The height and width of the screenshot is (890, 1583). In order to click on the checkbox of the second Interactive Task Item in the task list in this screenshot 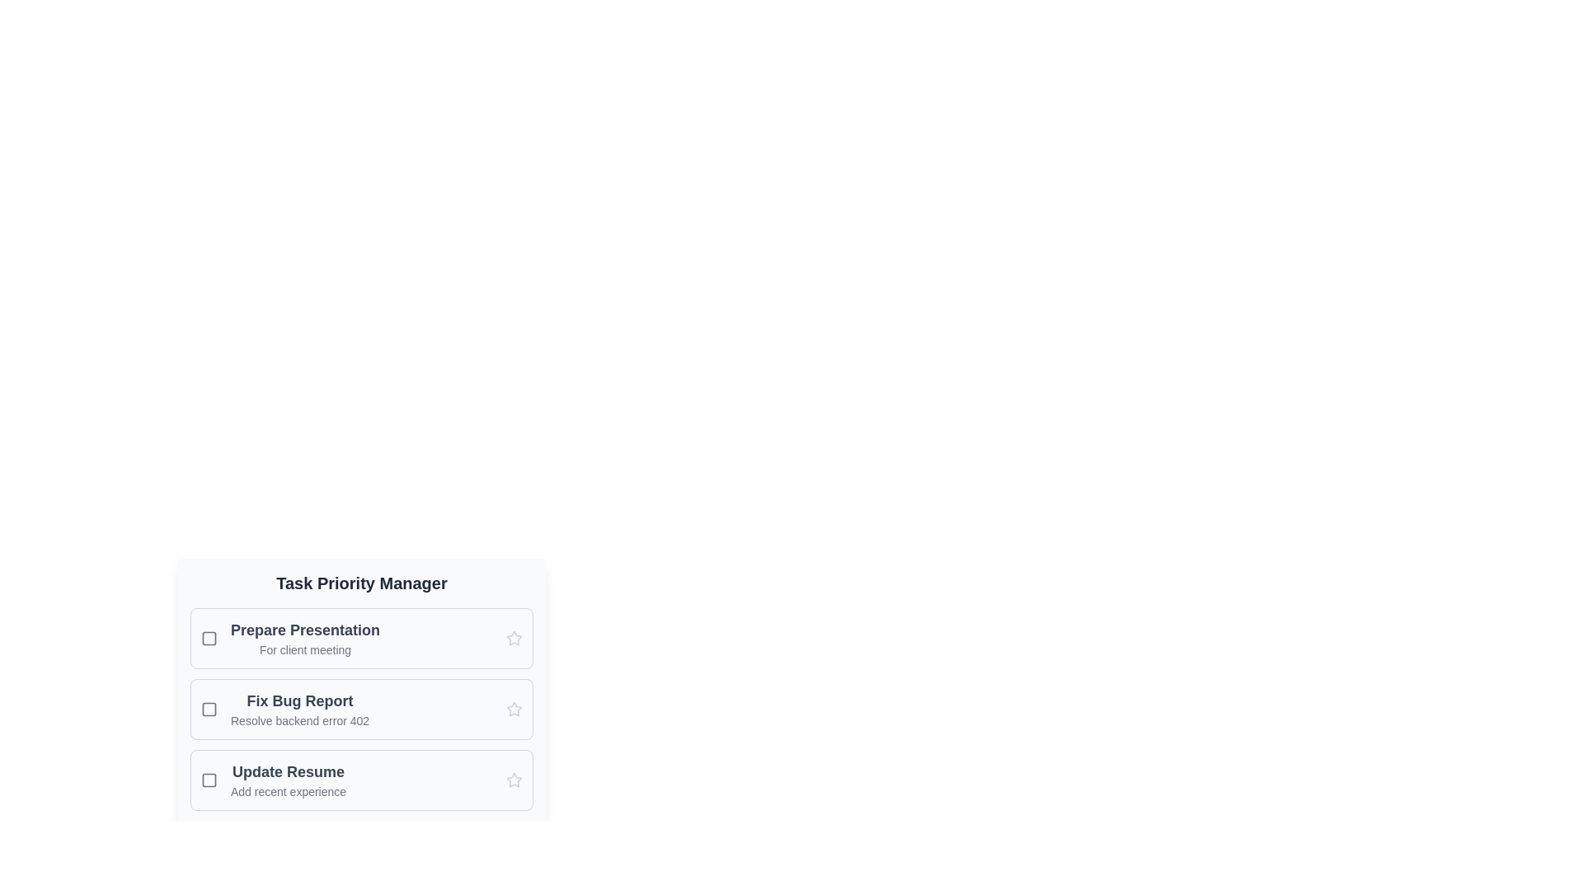, I will do `click(360, 680)`.